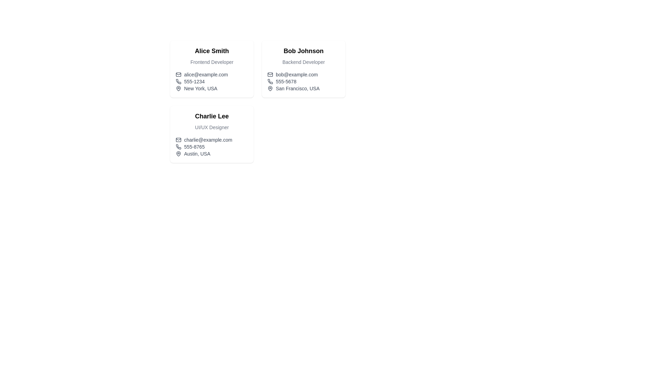 The image size is (667, 375). Describe the element at coordinates (303, 69) in the screenshot. I see `the information card displaying details for Bob Johnson, located in the second column of the first row among three similar cards` at that location.